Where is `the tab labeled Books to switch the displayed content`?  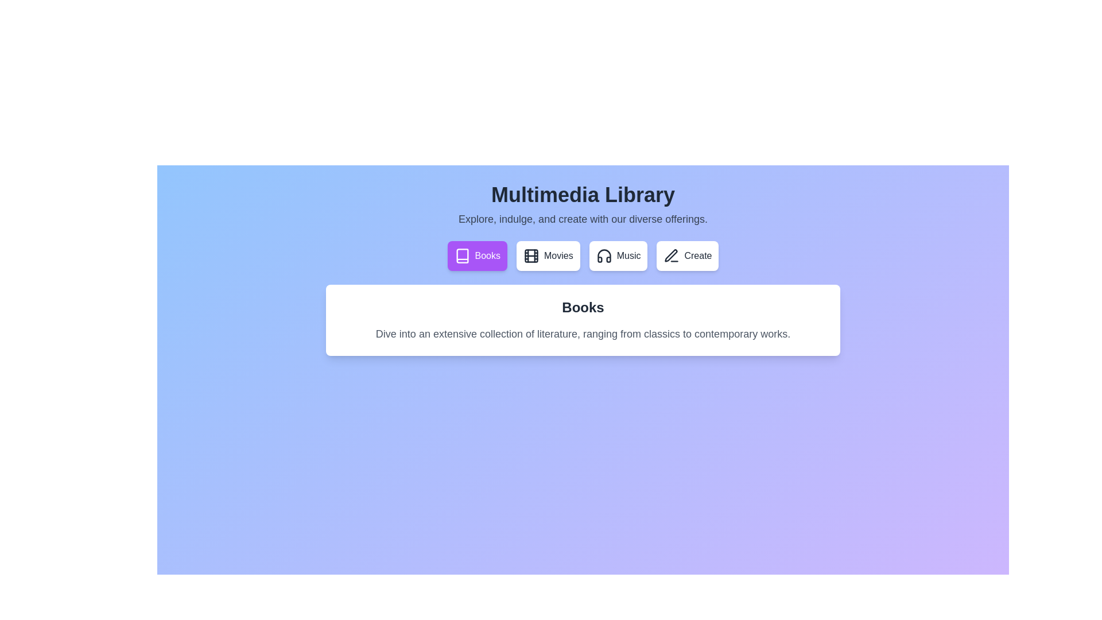 the tab labeled Books to switch the displayed content is located at coordinates (477, 255).